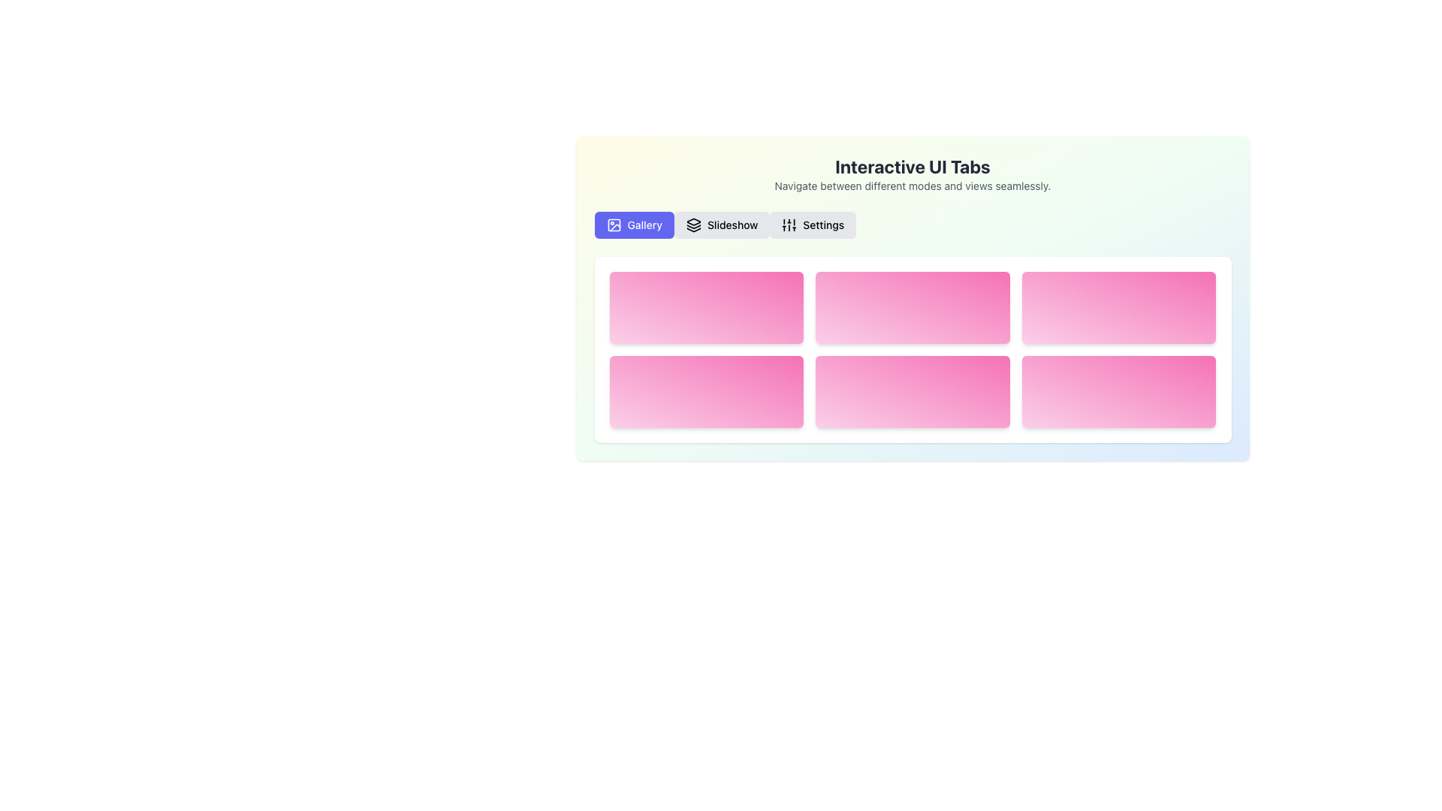 The height and width of the screenshot is (811, 1442). I want to click on the Decorative Content Block, which is a rectangular element with a gradient background transitioning from light pink to bright pink, located in the bottom-right corner of the grid, so click(1119, 390).